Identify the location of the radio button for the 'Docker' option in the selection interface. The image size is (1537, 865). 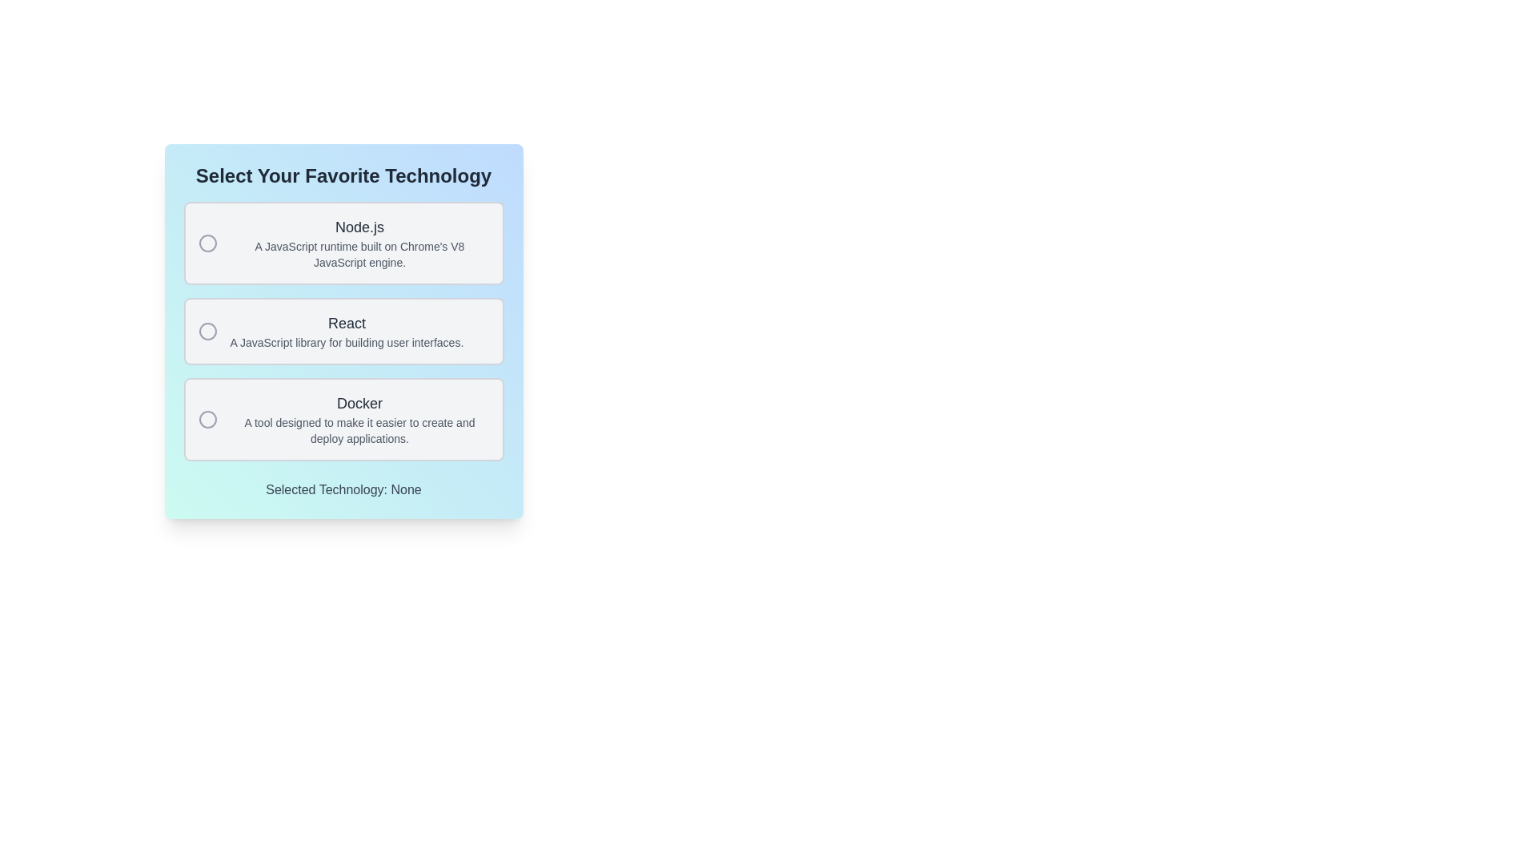
(207, 419).